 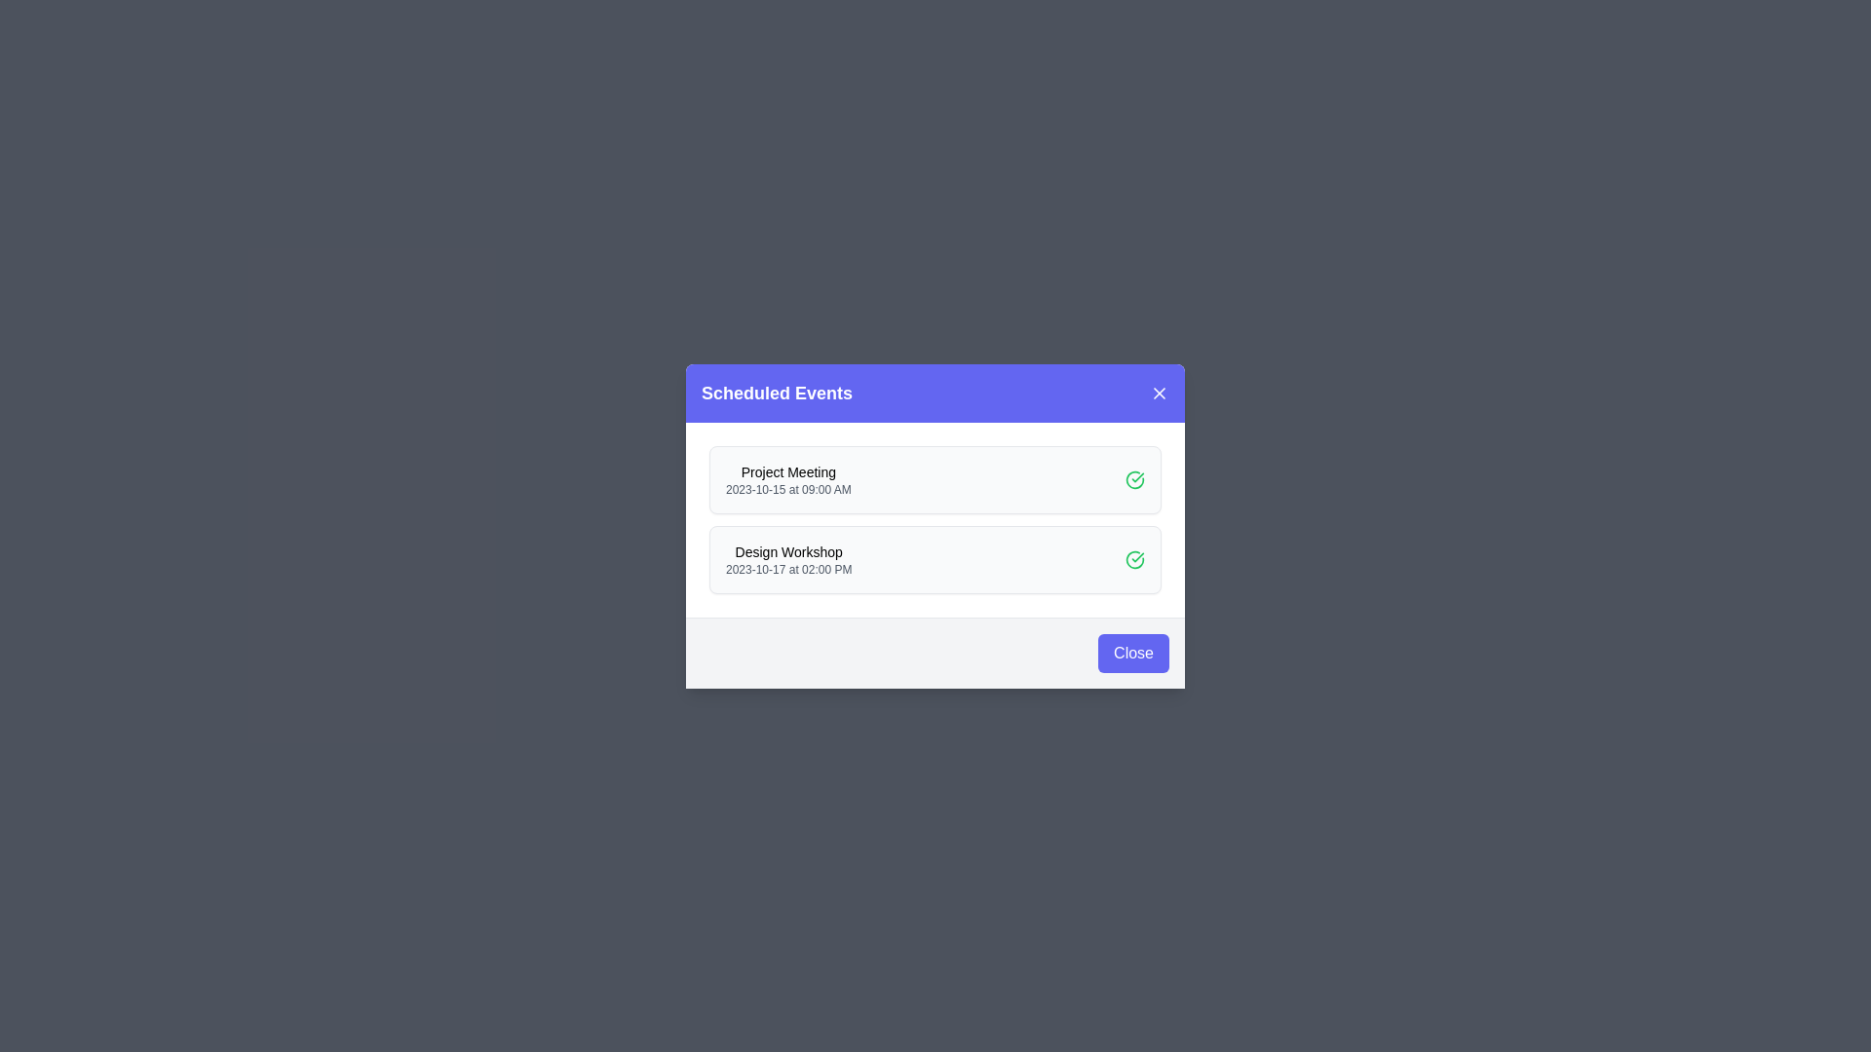 I want to click on text from the Text Display Component that provides an overview of the scheduled meeting, located in the first card component of scheduled events, so click(x=788, y=479).